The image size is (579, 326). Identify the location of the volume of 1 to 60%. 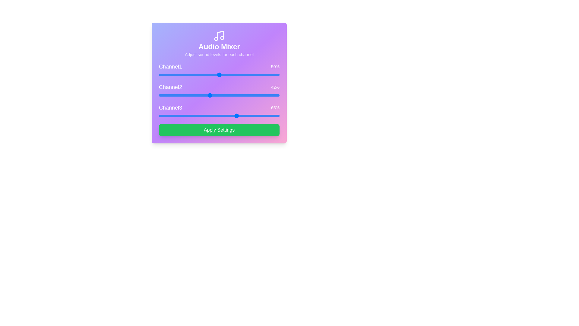
(231, 74).